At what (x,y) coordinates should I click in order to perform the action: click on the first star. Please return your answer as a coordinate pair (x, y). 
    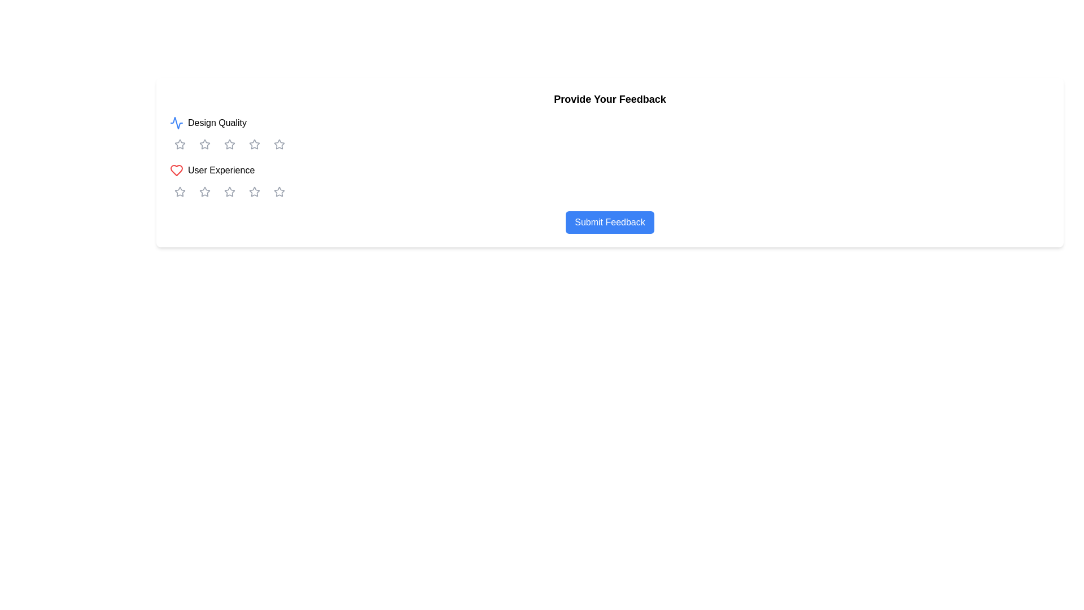
    Looking at the image, I should click on (205, 191).